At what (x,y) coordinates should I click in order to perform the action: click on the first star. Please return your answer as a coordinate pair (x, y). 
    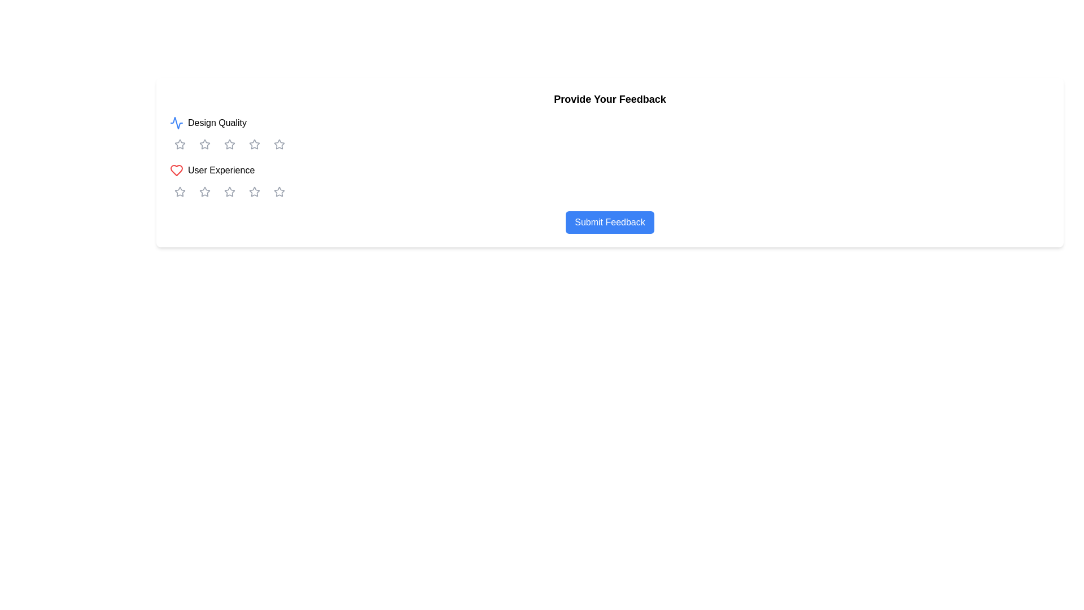
    Looking at the image, I should click on (205, 191).